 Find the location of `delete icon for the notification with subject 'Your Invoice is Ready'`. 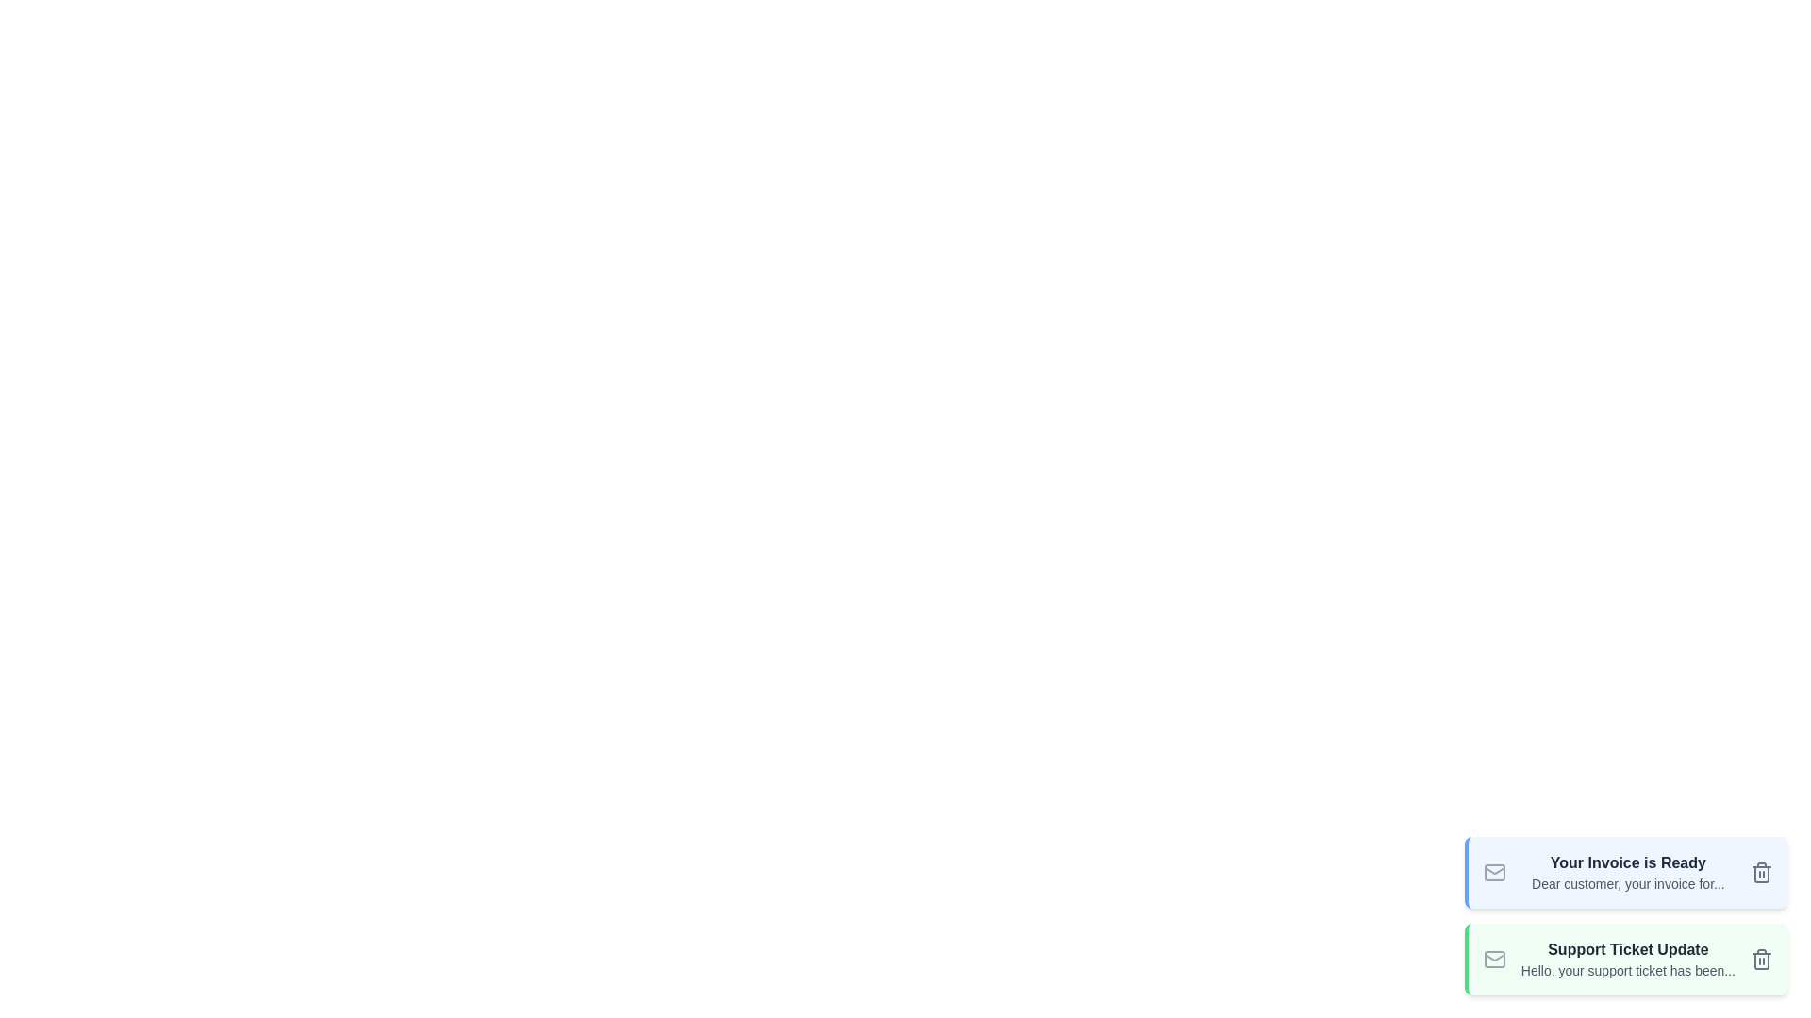

delete icon for the notification with subject 'Your Invoice is Ready' is located at coordinates (1760, 872).